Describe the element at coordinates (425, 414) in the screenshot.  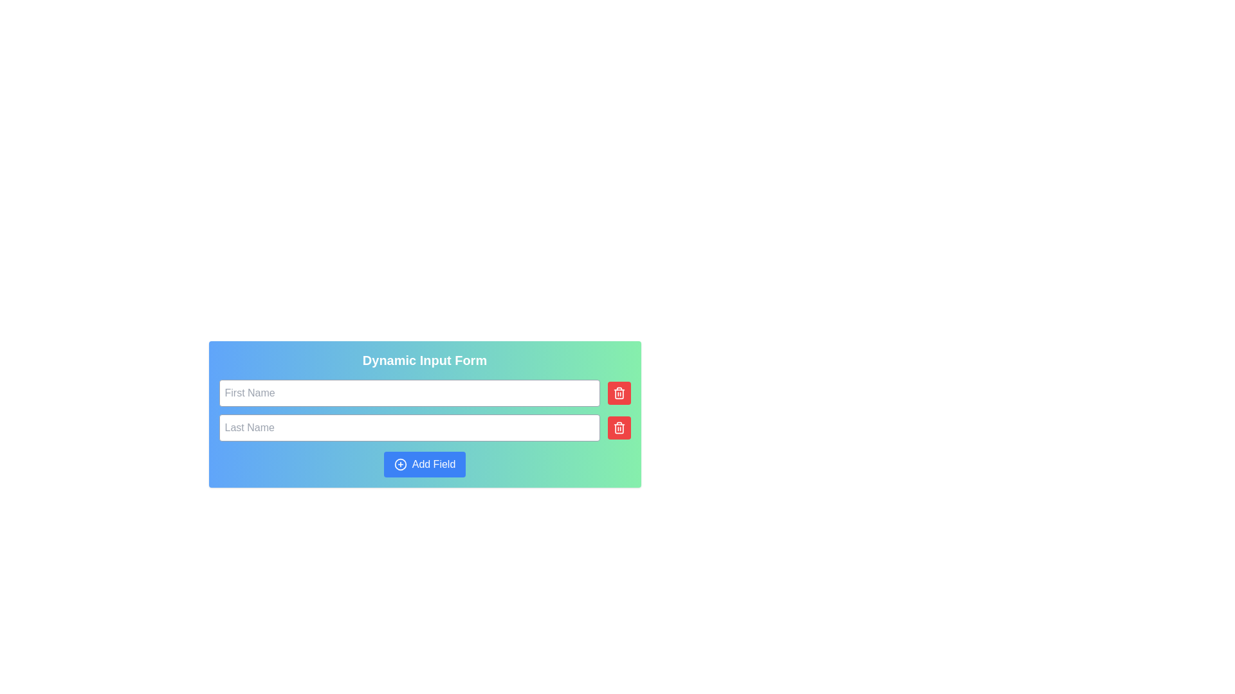
I see `the 'Last Name' text input field to place the cursor for user input` at that location.